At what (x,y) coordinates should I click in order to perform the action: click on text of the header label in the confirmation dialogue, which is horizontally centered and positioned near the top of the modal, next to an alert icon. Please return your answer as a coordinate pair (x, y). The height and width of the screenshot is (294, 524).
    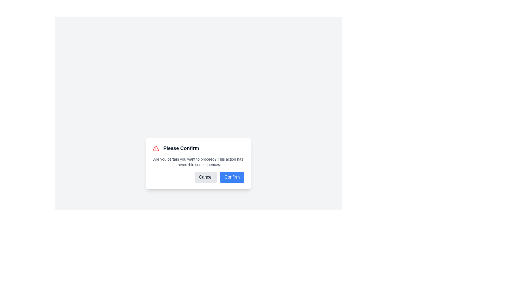
    Looking at the image, I should click on (181, 148).